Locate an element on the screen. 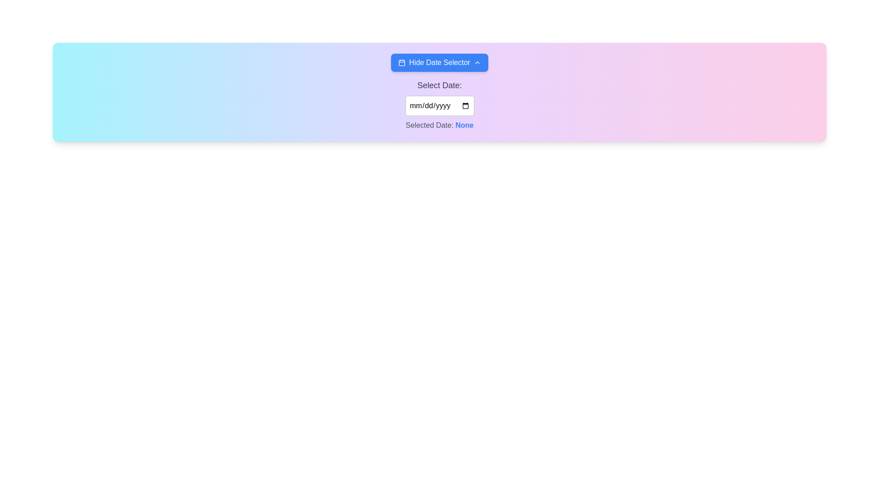  the upward-facing chevron icon located to the right of the 'Hide Date Selector' button is located at coordinates (477, 62).